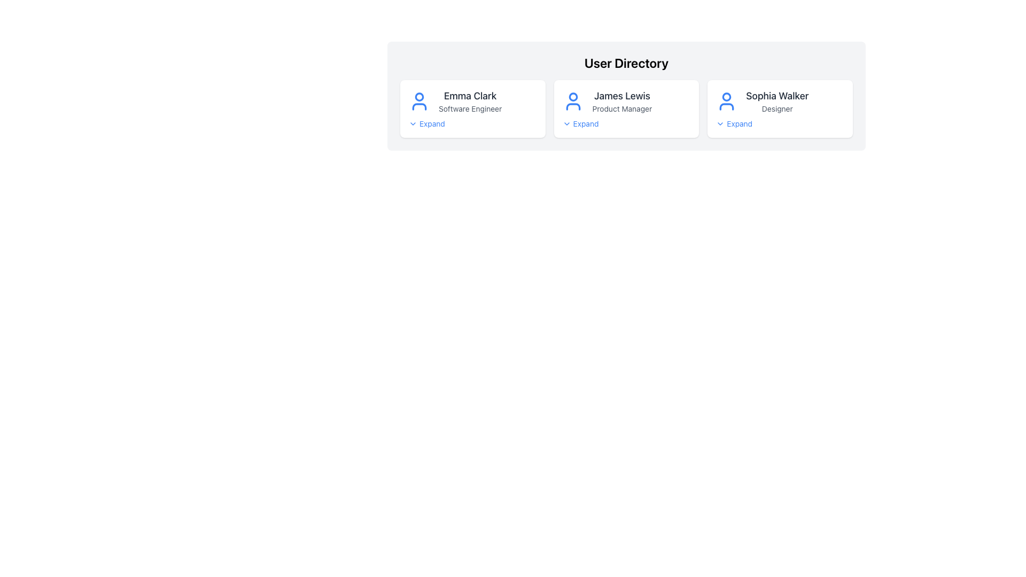 This screenshot has height=577, width=1026. I want to click on the user icon depicting 'Sophia Walker', which is styled in blue and located at the top-left corner of her card, so click(727, 101).